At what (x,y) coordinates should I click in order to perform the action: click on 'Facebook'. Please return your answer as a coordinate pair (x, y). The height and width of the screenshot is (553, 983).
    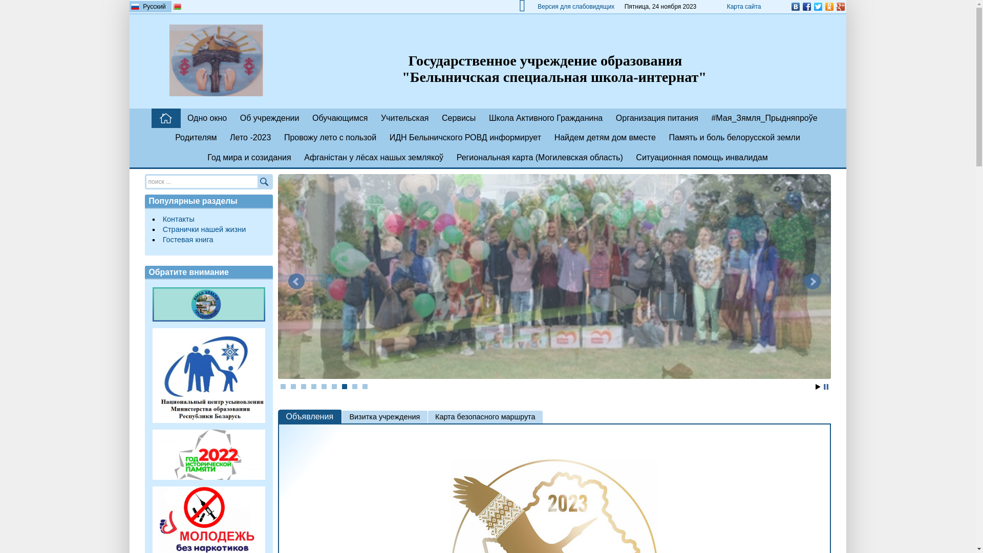
    Looking at the image, I should click on (805, 6).